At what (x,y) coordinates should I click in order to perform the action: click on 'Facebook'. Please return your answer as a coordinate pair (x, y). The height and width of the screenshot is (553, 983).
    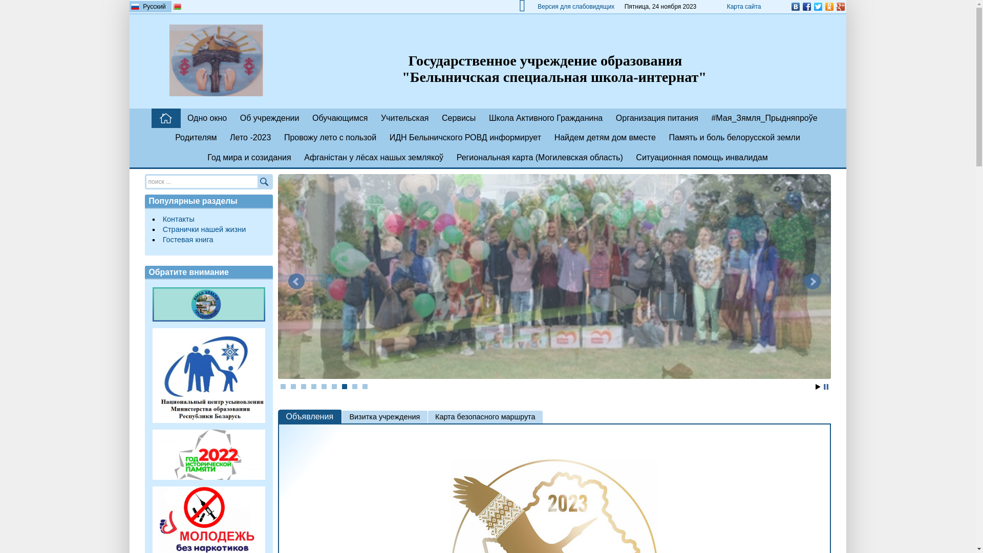
    Looking at the image, I should click on (805, 6).